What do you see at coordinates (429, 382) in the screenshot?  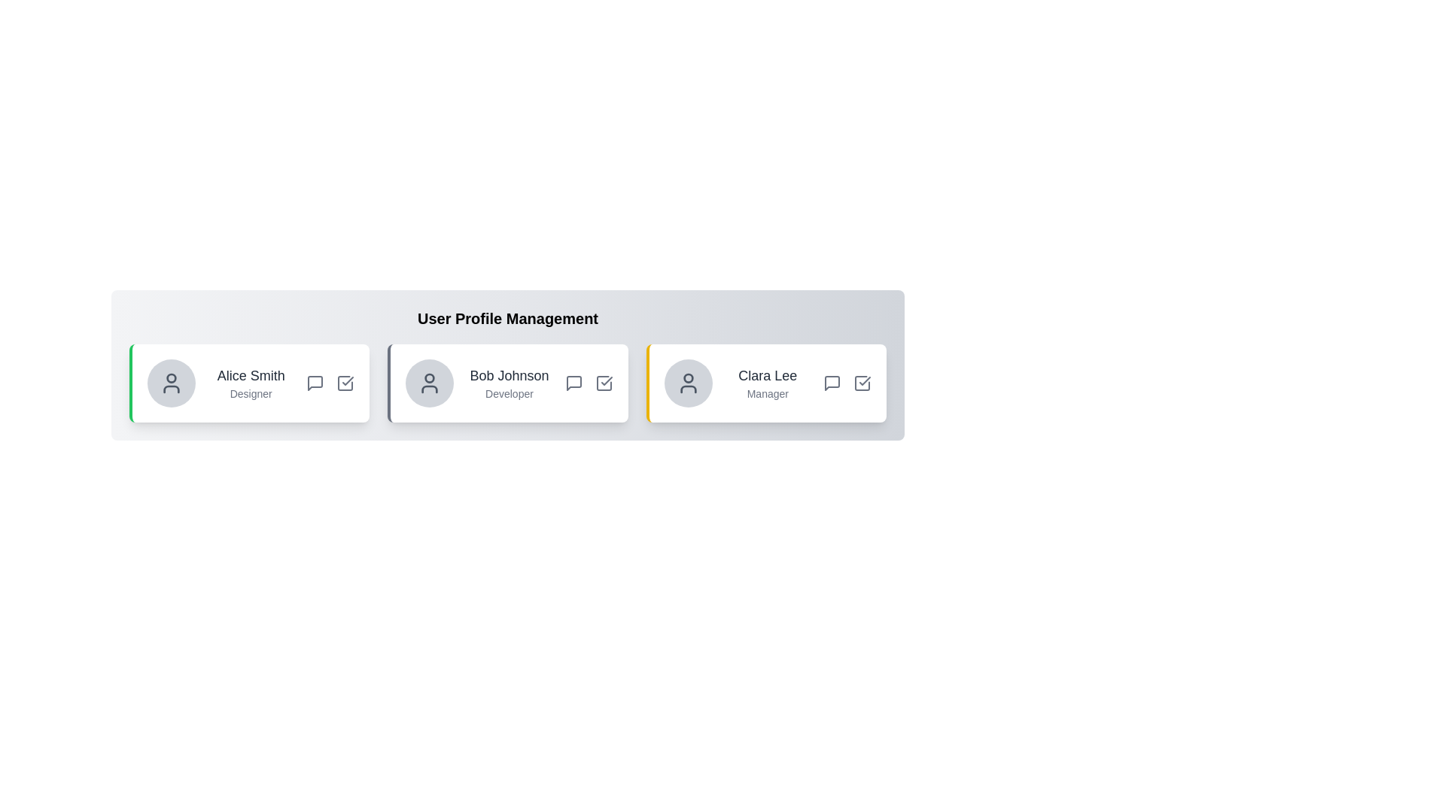 I see `the circular Graphical Placeholder with a light gray background and a dark gray user icon, located in the card for 'Bob Johnson, Developer'` at bounding box center [429, 382].